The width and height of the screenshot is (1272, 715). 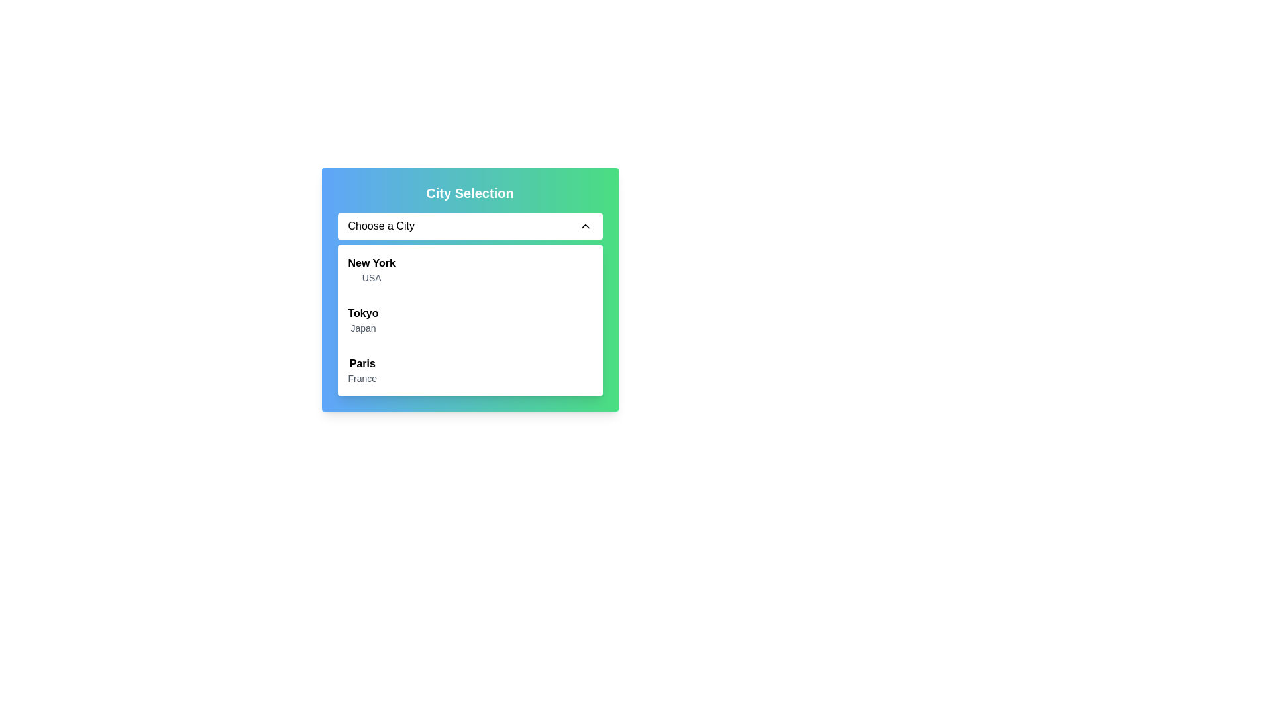 I want to click on text label displaying 'France', which is styled in gray and positioned below 'Paris' in the city selection dropdown menu, so click(x=362, y=378).